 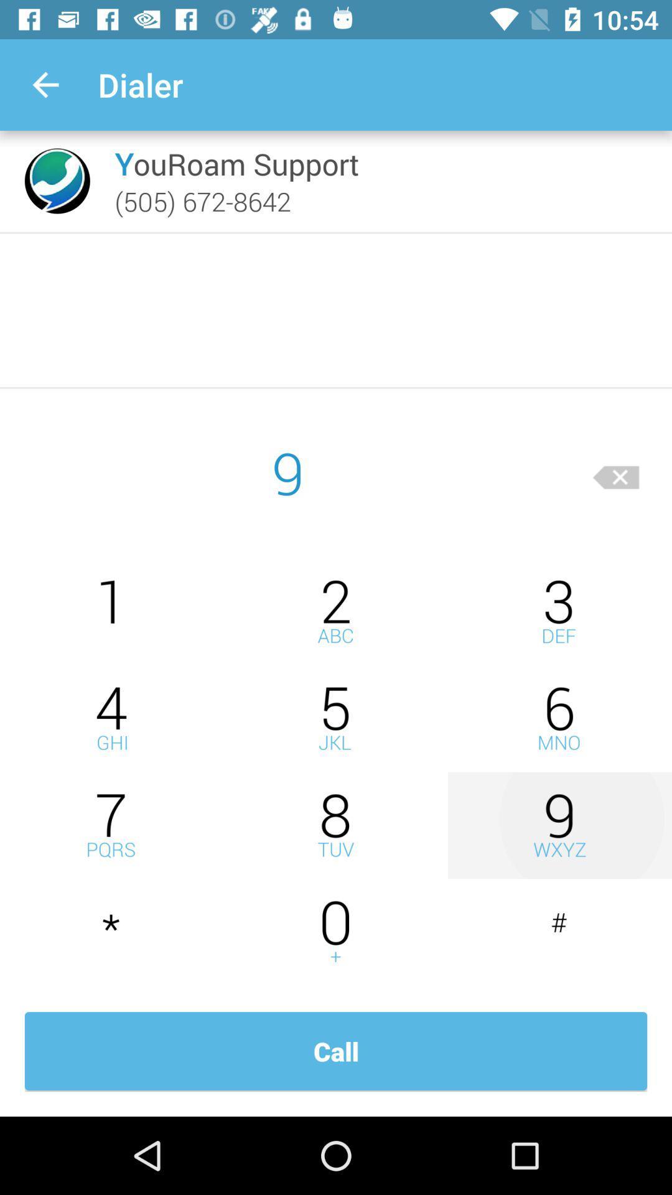 I want to click on delete character, so click(x=616, y=472).